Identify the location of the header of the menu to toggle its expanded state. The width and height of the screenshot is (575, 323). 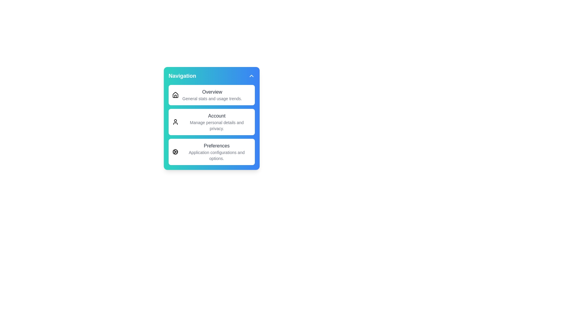
(211, 76).